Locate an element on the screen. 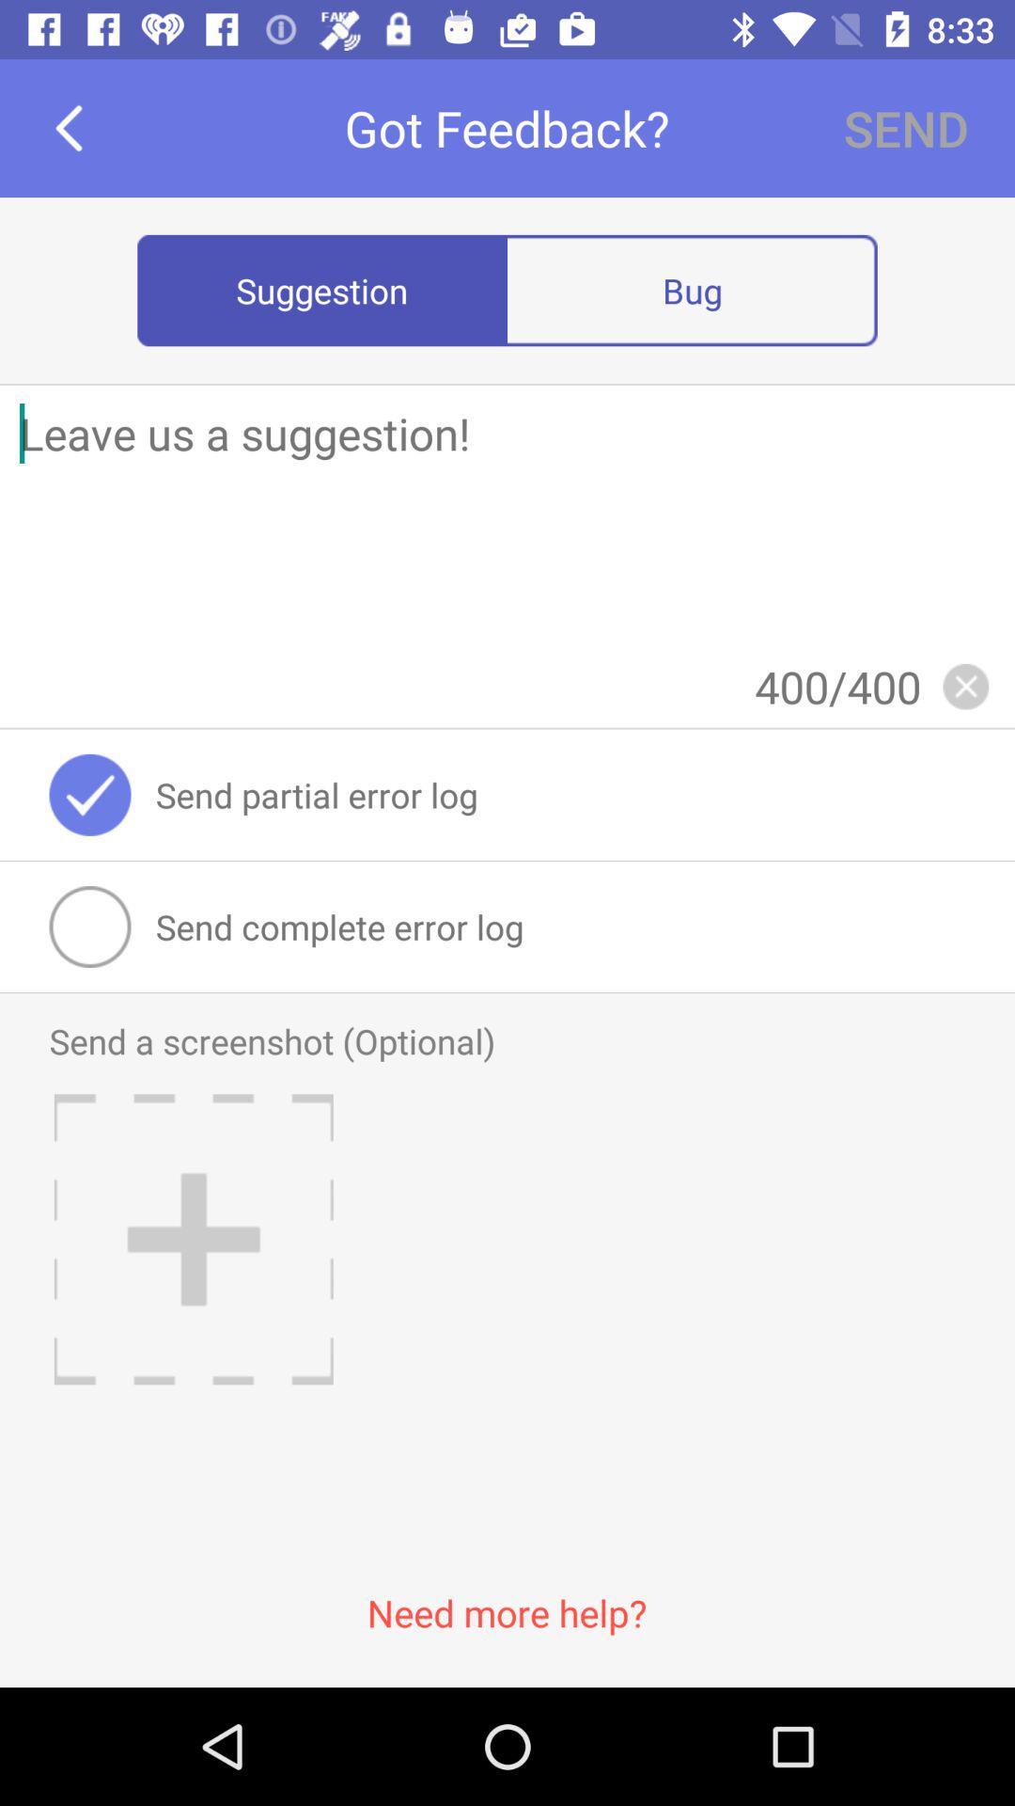  the item to the right of the 400/400 icon is located at coordinates (965, 685).